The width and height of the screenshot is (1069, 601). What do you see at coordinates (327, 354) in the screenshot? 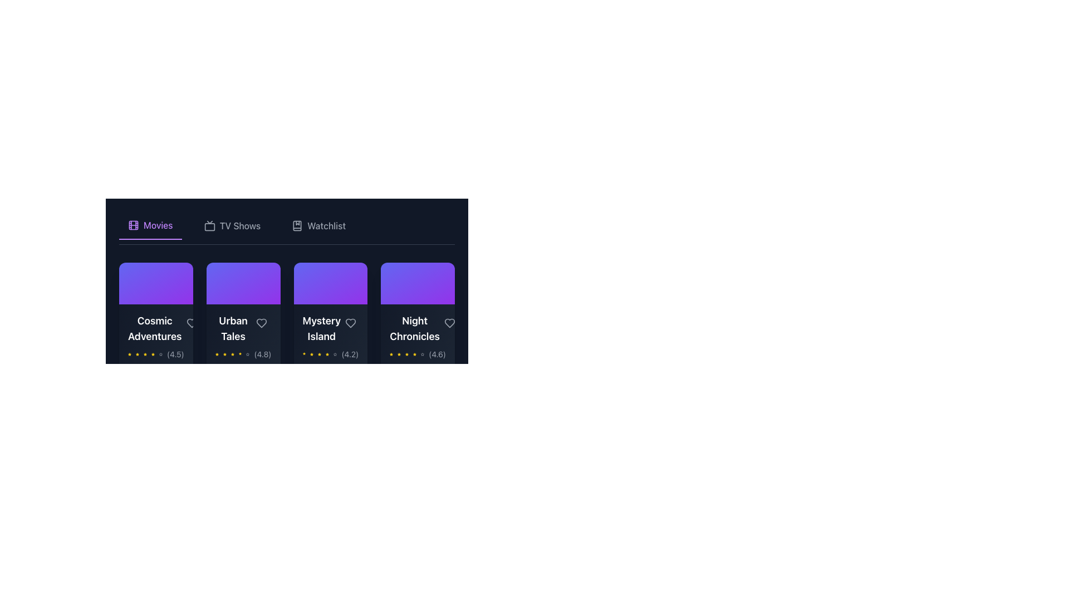
I see `the fifth yellow rating star icon under the title 'Mystery Island'` at bounding box center [327, 354].